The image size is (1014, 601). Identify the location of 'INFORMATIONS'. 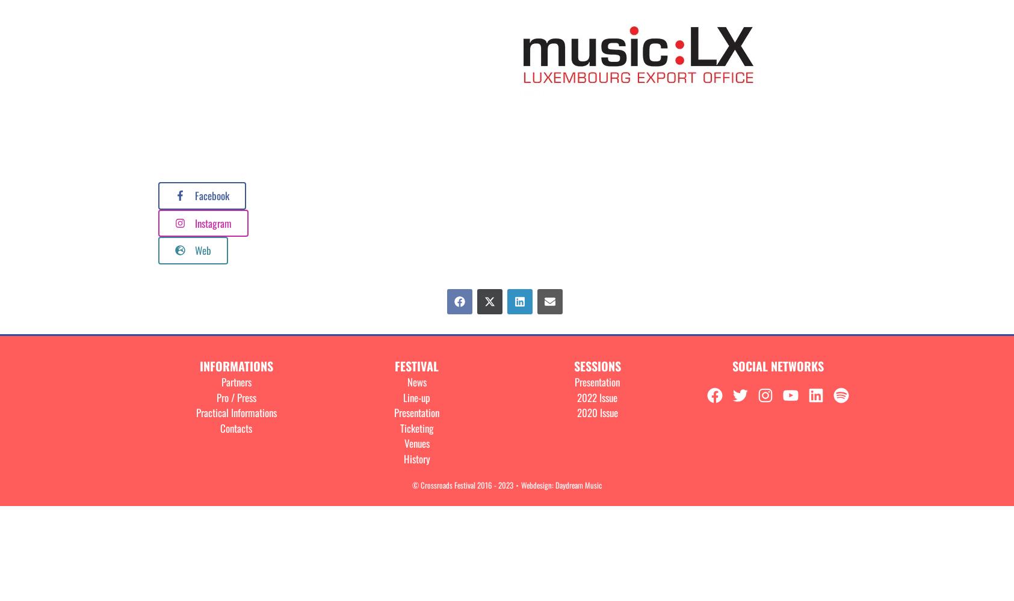
(235, 365).